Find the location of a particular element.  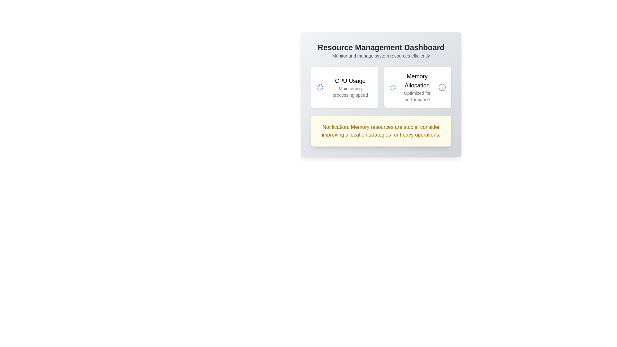

the circular icon with a transparent center and a border, located in the upper-right corner of the Memory Allocation section is located at coordinates (442, 87).